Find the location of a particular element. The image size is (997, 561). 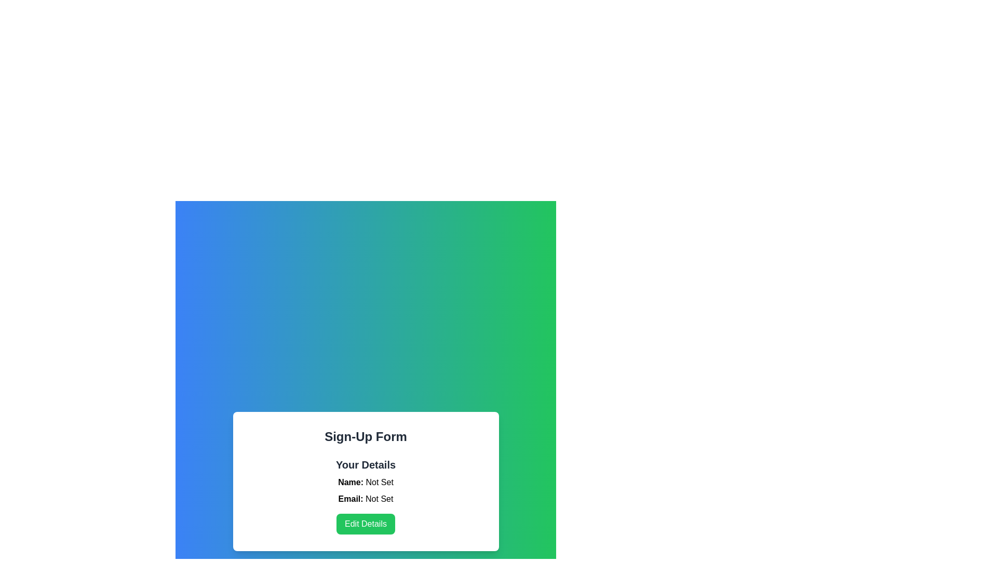

the label indicating the user's name in the 'Your Details' section of the sign-up form card, which is the first line aligned to the left is located at coordinates (351, 482).